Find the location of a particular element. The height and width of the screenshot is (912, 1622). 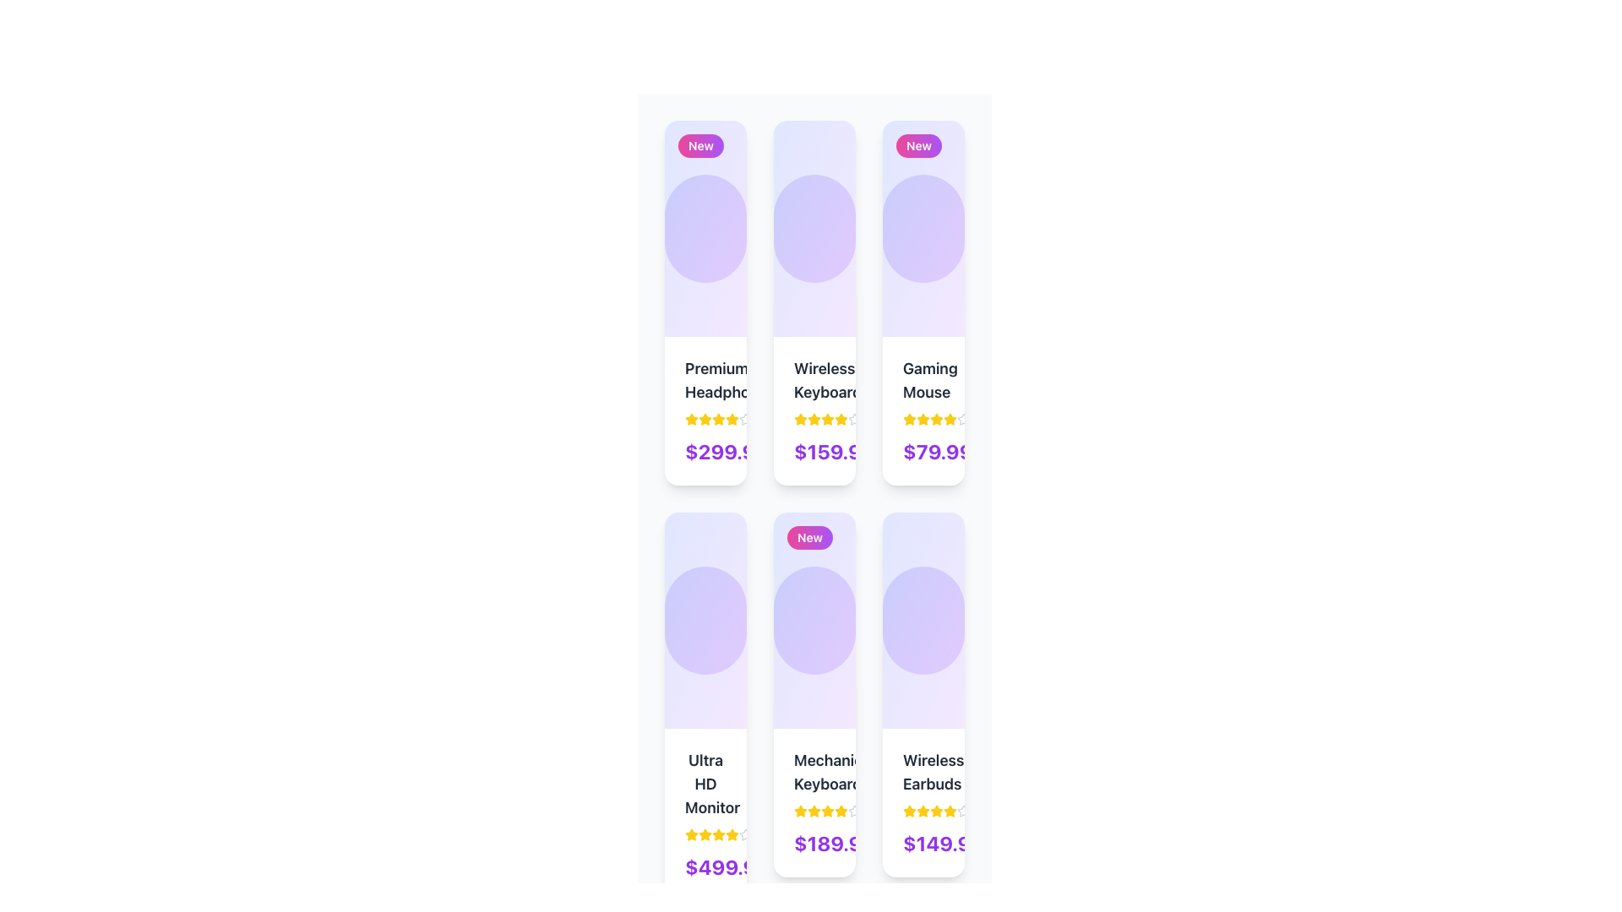

the static text element displaying the price value '$159.99', which is located in the second card of the top row, below the star rating component is located at coordinates (834, 451).